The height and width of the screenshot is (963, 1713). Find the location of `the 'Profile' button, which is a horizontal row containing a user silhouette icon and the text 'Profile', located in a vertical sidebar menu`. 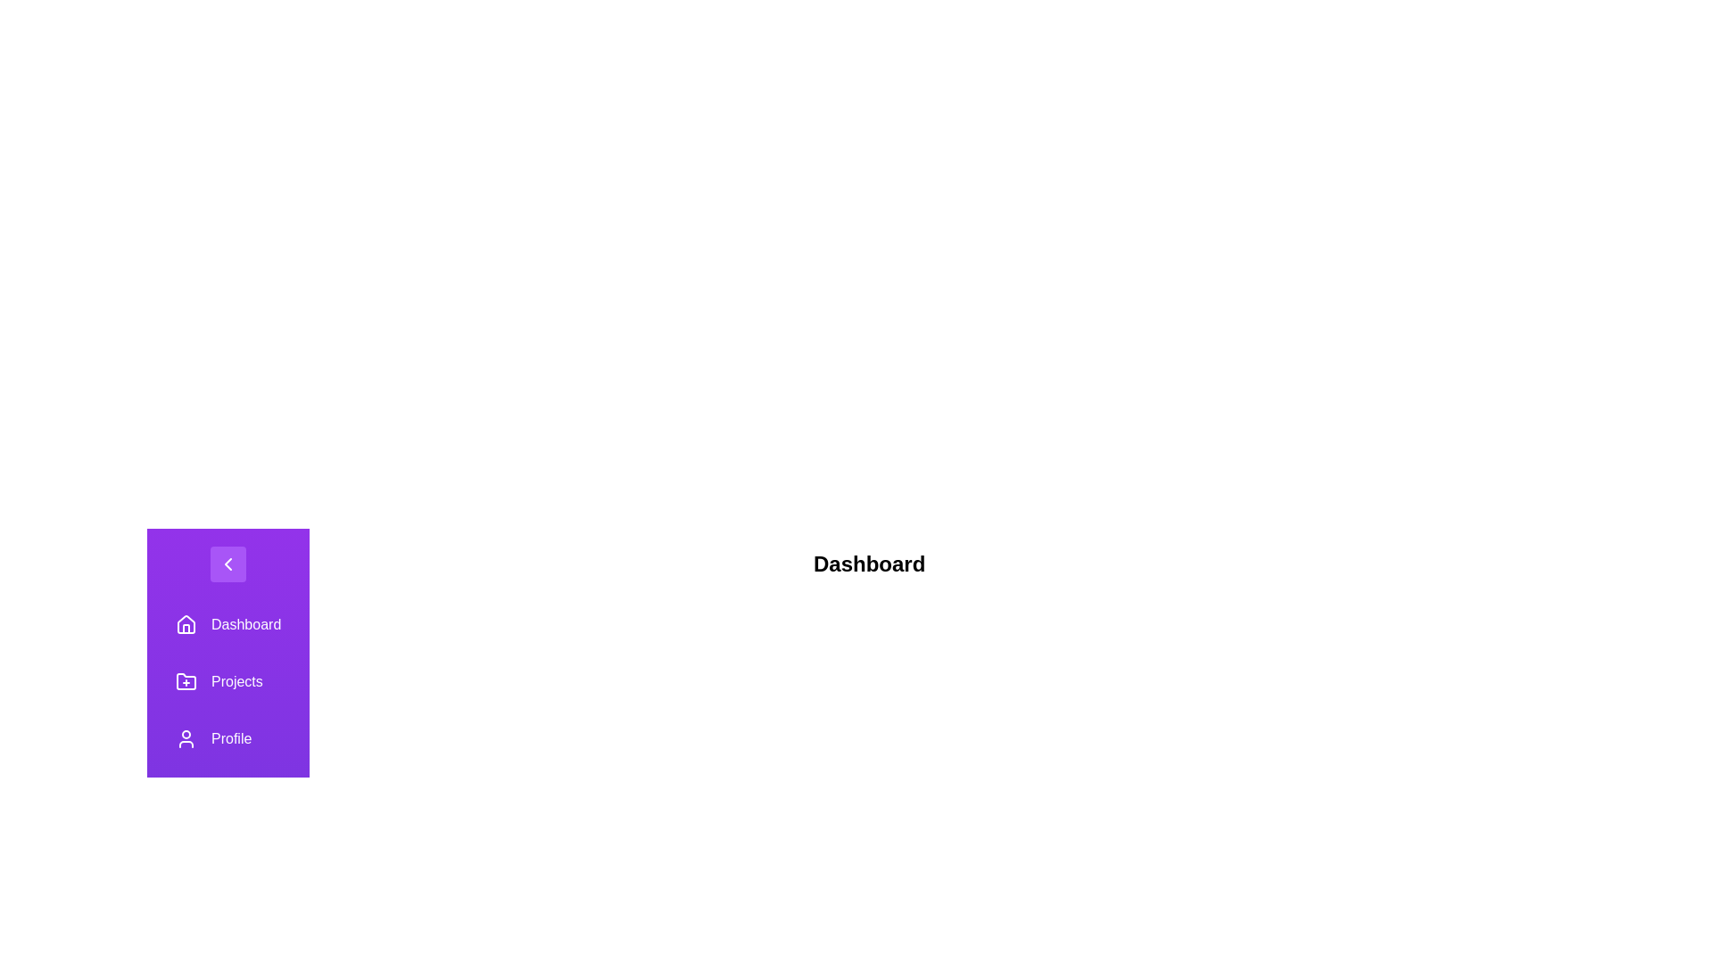

the 'Profile' button, which is a horizontal row containing a user silhouette icon and the text 'Profile', located in a vertical sidebar menu is located at coordinates (228, 739).